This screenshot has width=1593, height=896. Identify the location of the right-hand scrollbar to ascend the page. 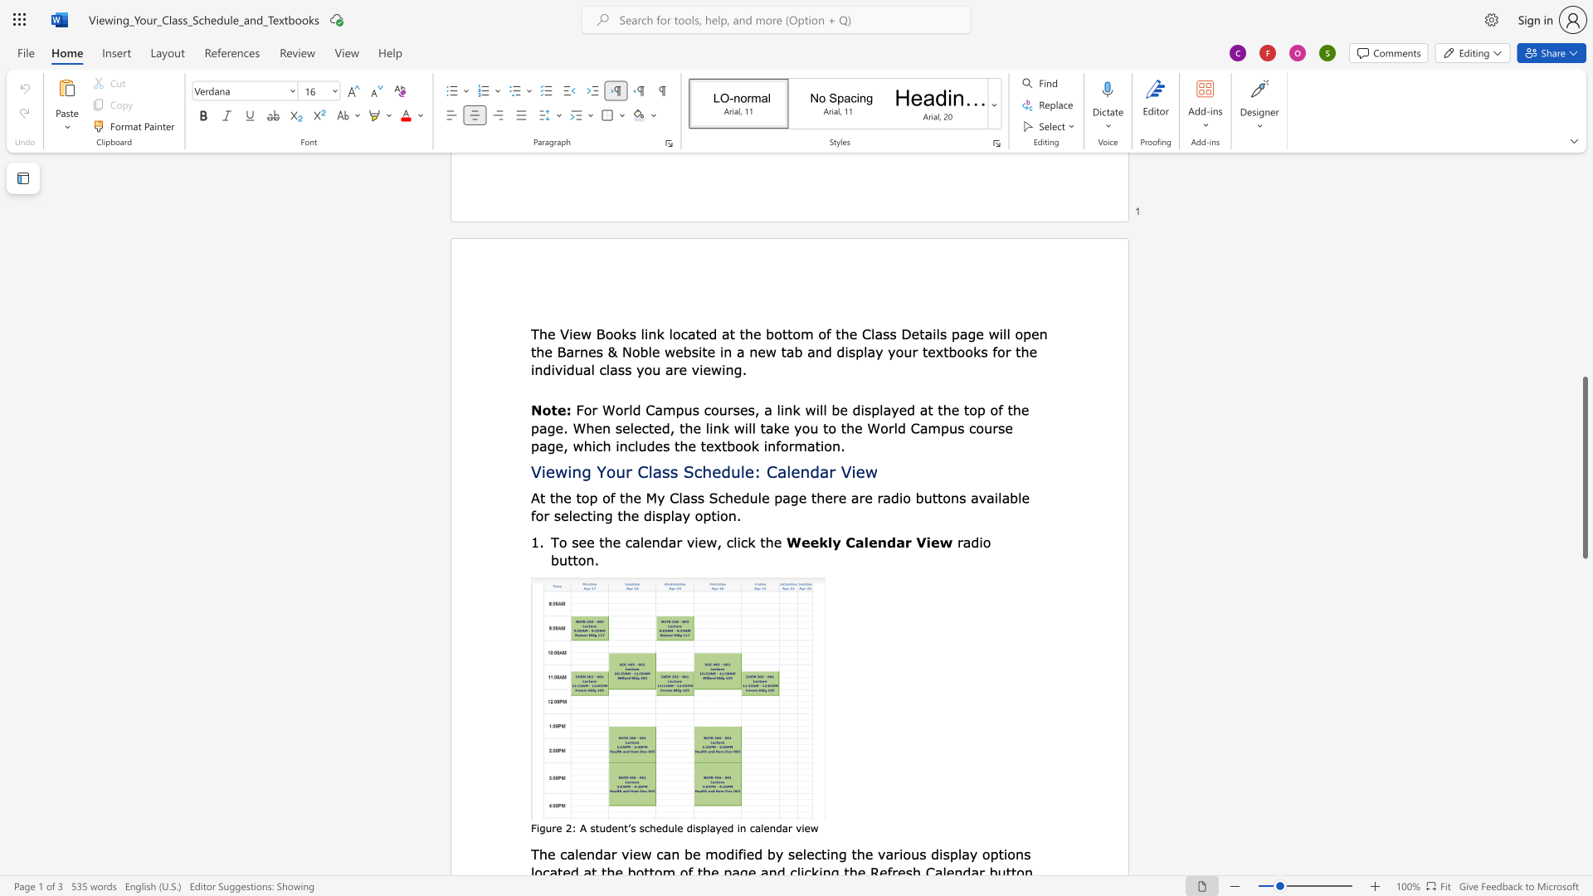
(1584, 240).